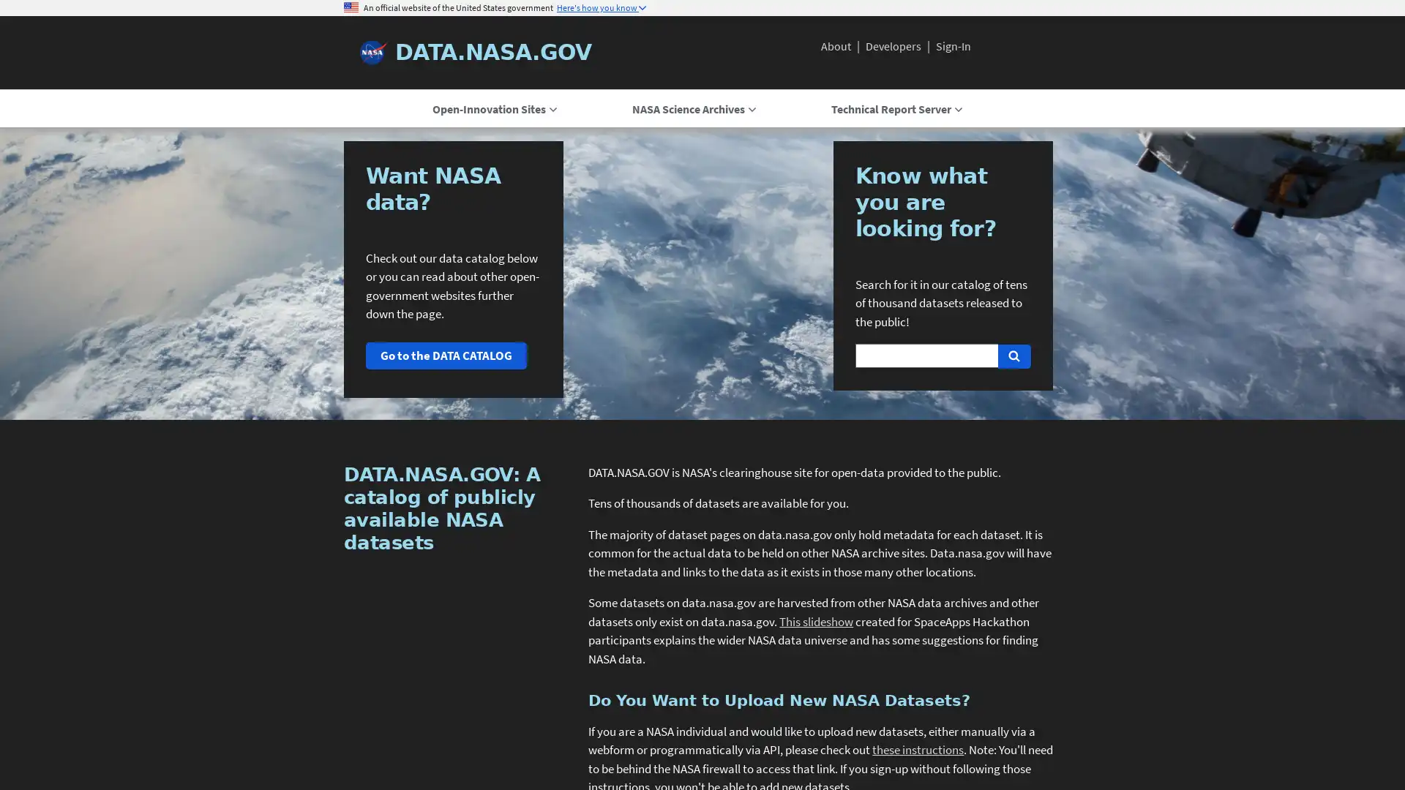 The width and height of the screenshot is (1405, 790). Describe the element at coordinates (895, 108) in the screenshot. I see `Technical Report Server` at that location.